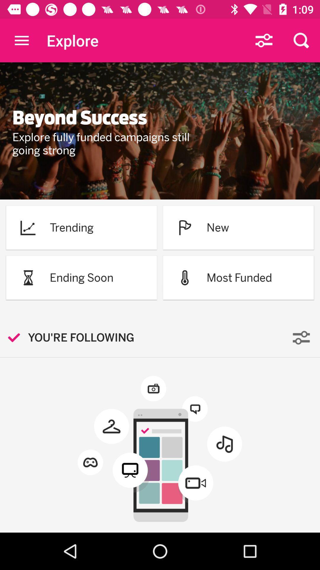 This screenshot has width=320, height=570. Describe the element at coordinates (28, 277) in the screenshot. I see `the item above the you're following` at that location.